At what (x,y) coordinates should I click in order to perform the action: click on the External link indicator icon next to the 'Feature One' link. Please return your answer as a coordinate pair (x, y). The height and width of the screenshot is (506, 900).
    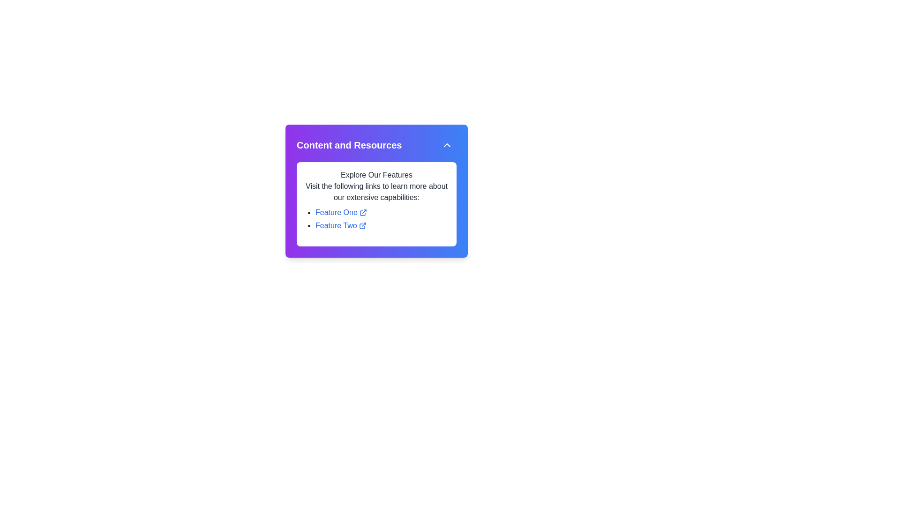
    Looking at the image, I should click on (362, 213).